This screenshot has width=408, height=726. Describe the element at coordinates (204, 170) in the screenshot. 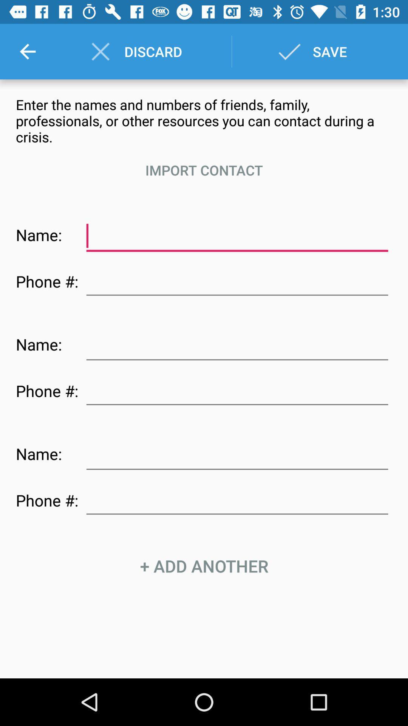

I see `import contact item` at that location.